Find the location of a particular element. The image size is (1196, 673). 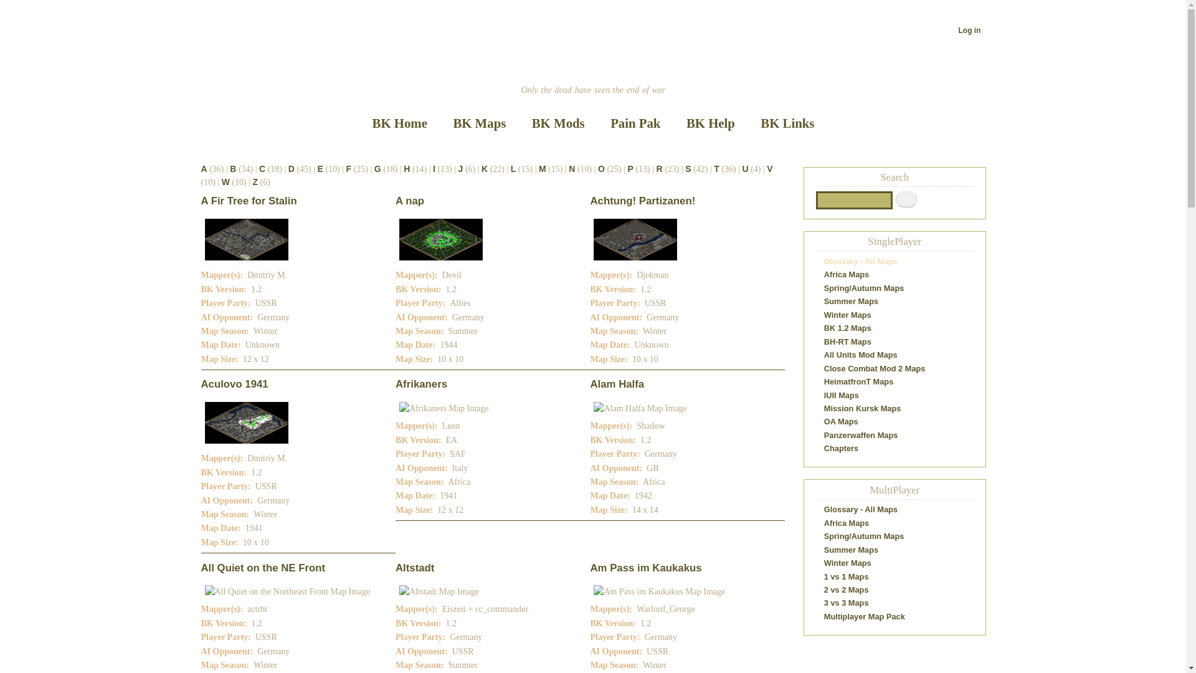

'U' is located at coordinates (745, 168).